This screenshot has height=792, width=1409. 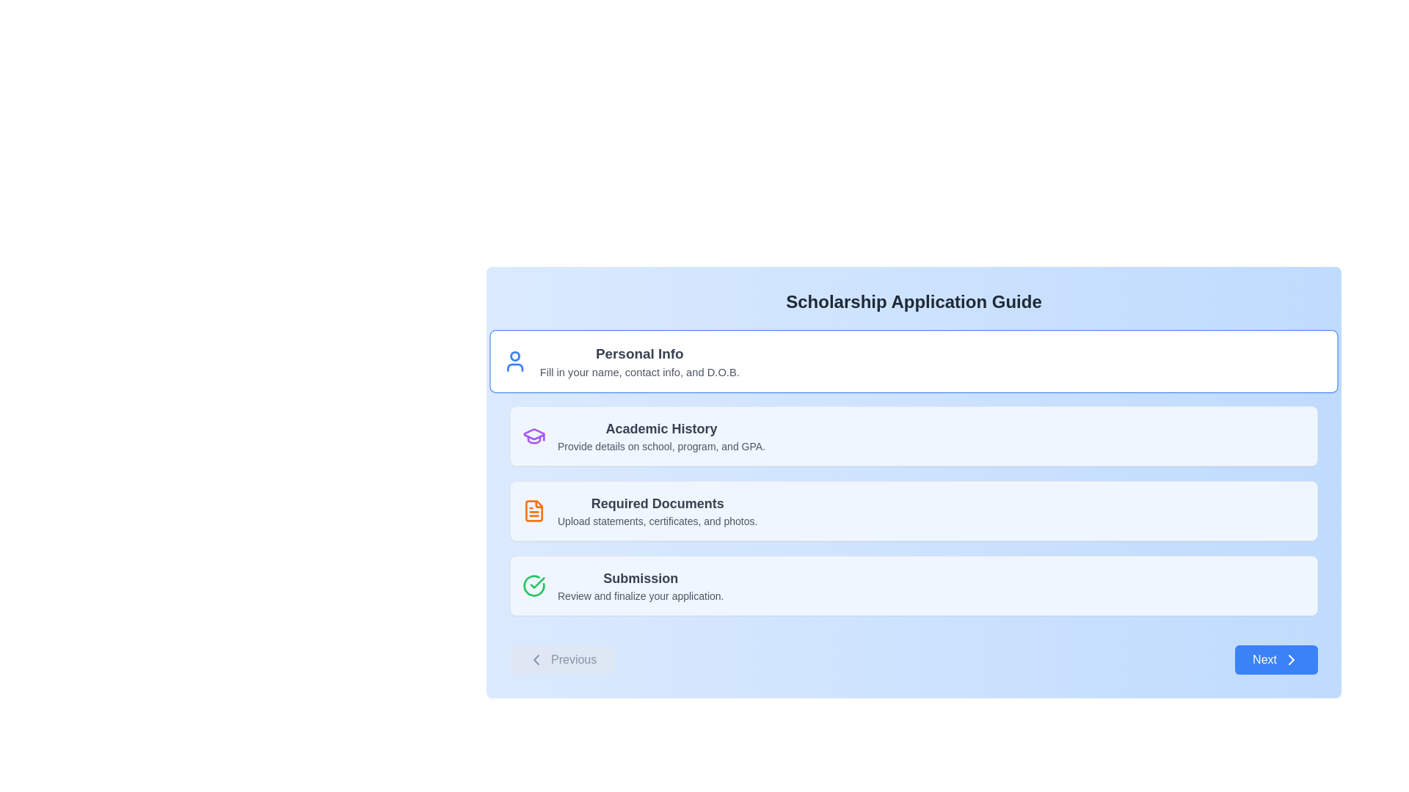 I want to click on left-pointing chevron icon in grayscale, part of the 'Previous' navigation button, for accessibility features, so click(x=535, y=659).